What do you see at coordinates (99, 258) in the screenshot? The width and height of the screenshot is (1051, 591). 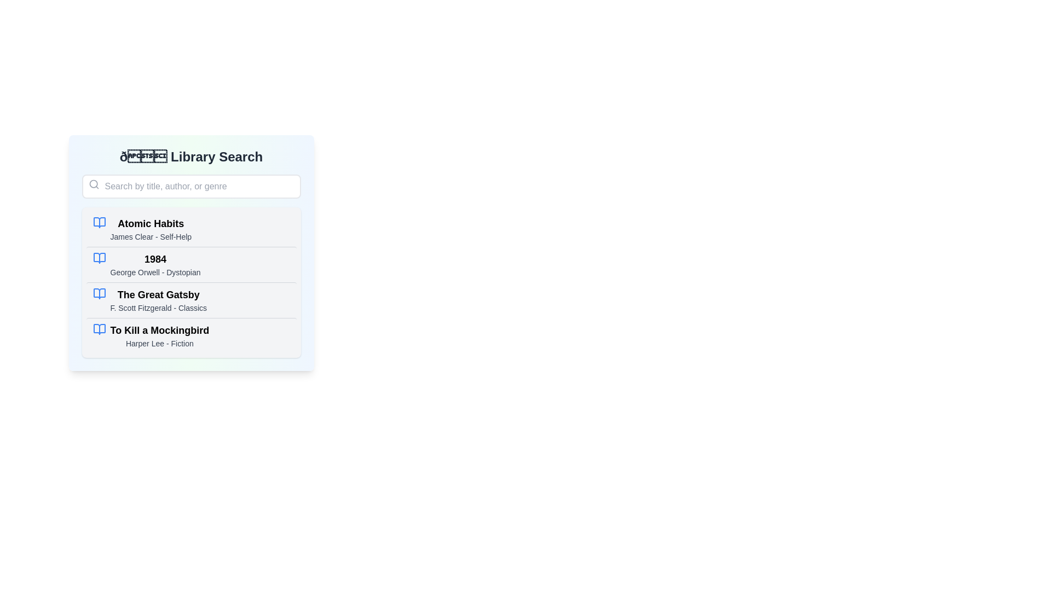 I see `the iconic book indicator` at bounding box center [99, 258].